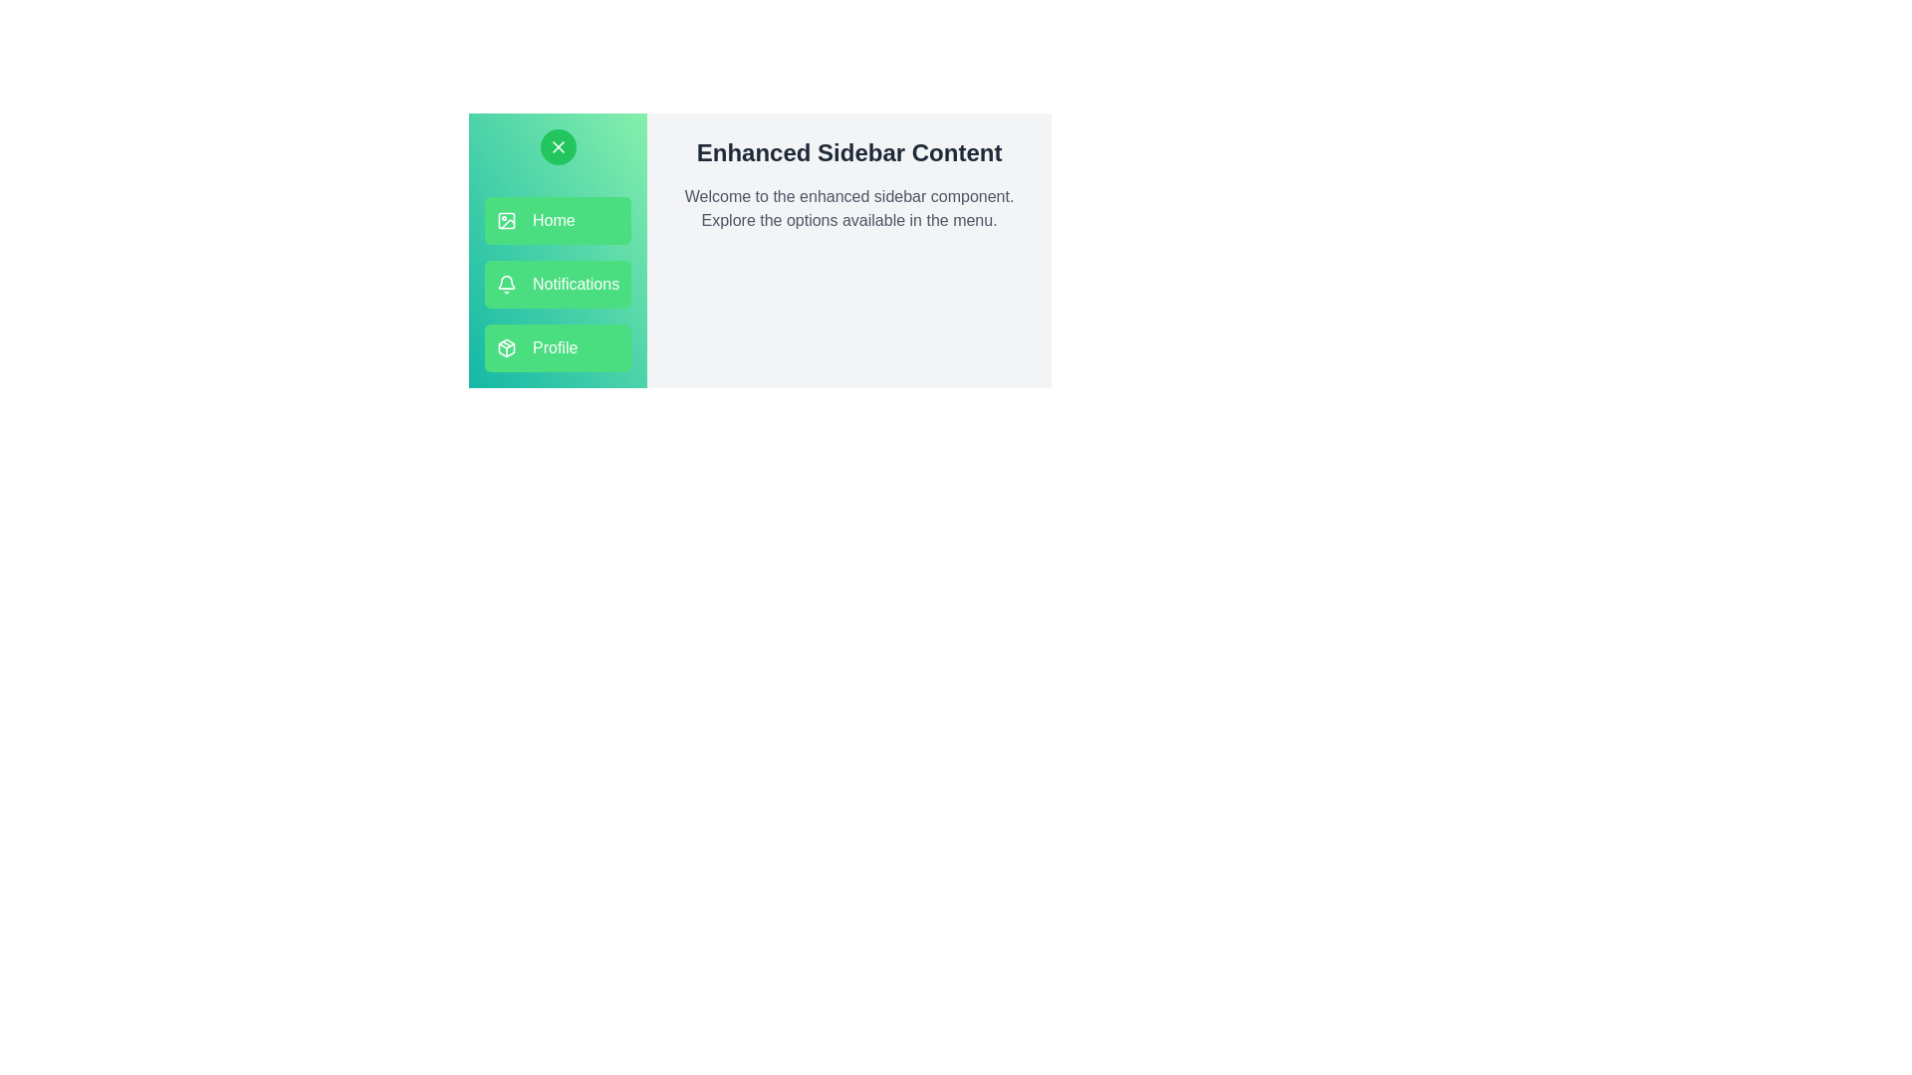 The height and width of the screenshot is (1075, 1912). I want to click on toggle button to toggle the sidebar open or closed, so click(558, 145).